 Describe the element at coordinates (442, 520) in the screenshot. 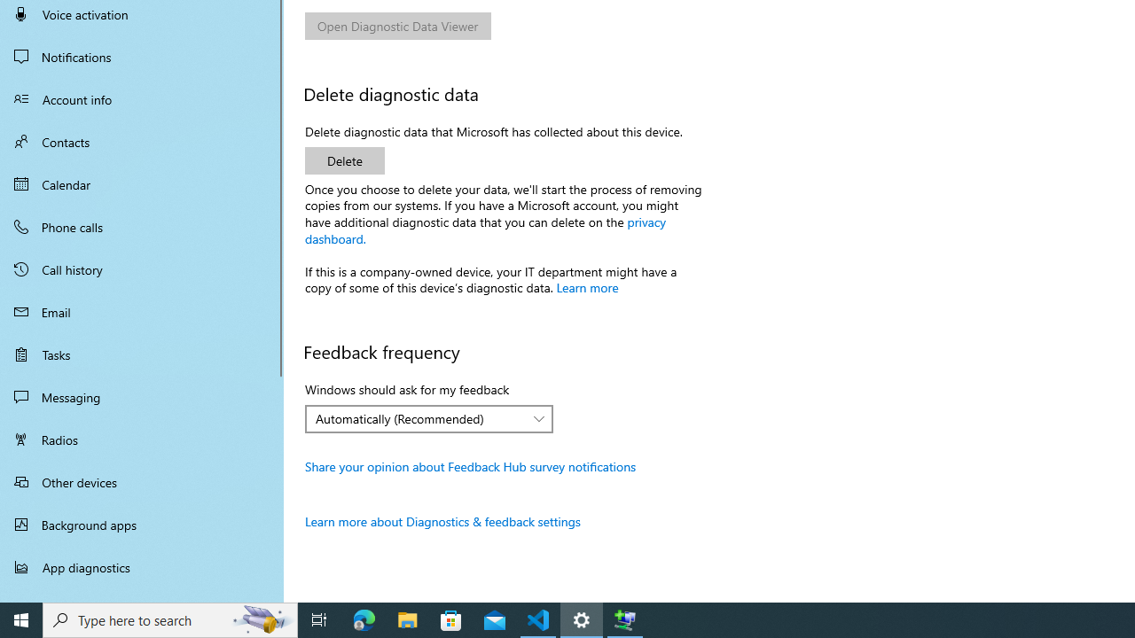

I see `'Learn more about Diagnostics & feedback settings'` at that location.